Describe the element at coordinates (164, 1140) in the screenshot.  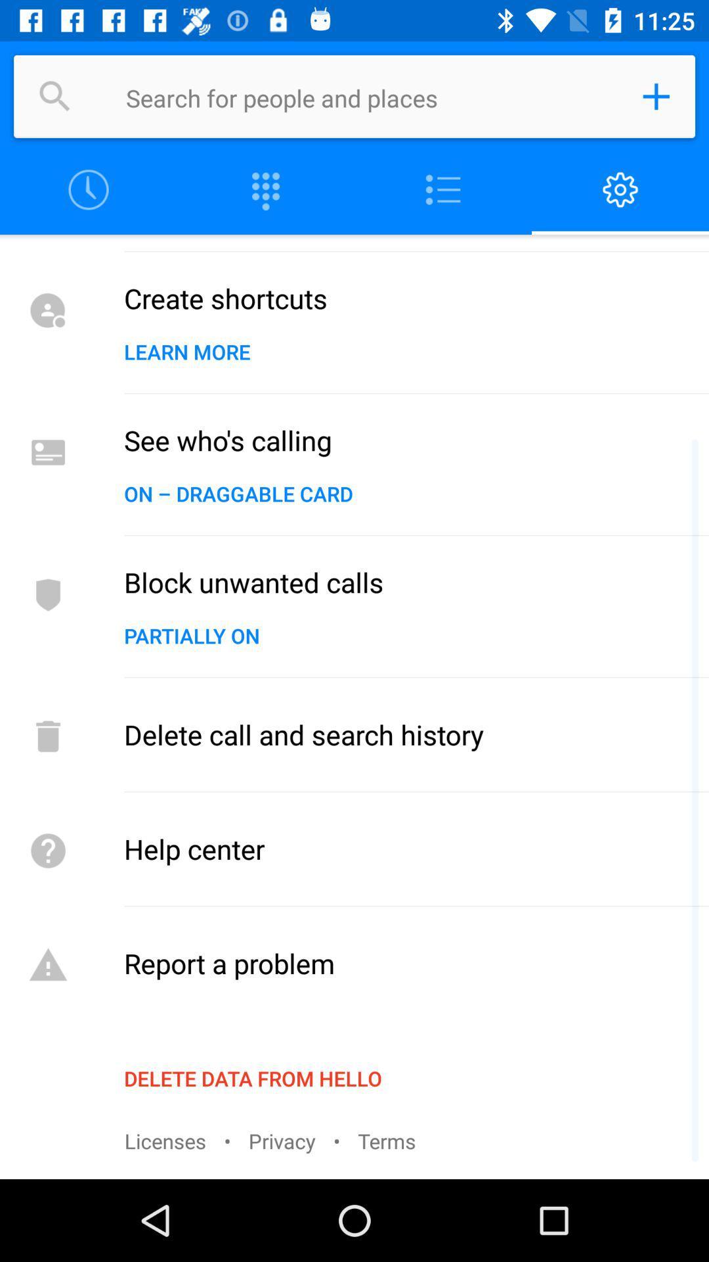
I see `licenses icon` at that location.